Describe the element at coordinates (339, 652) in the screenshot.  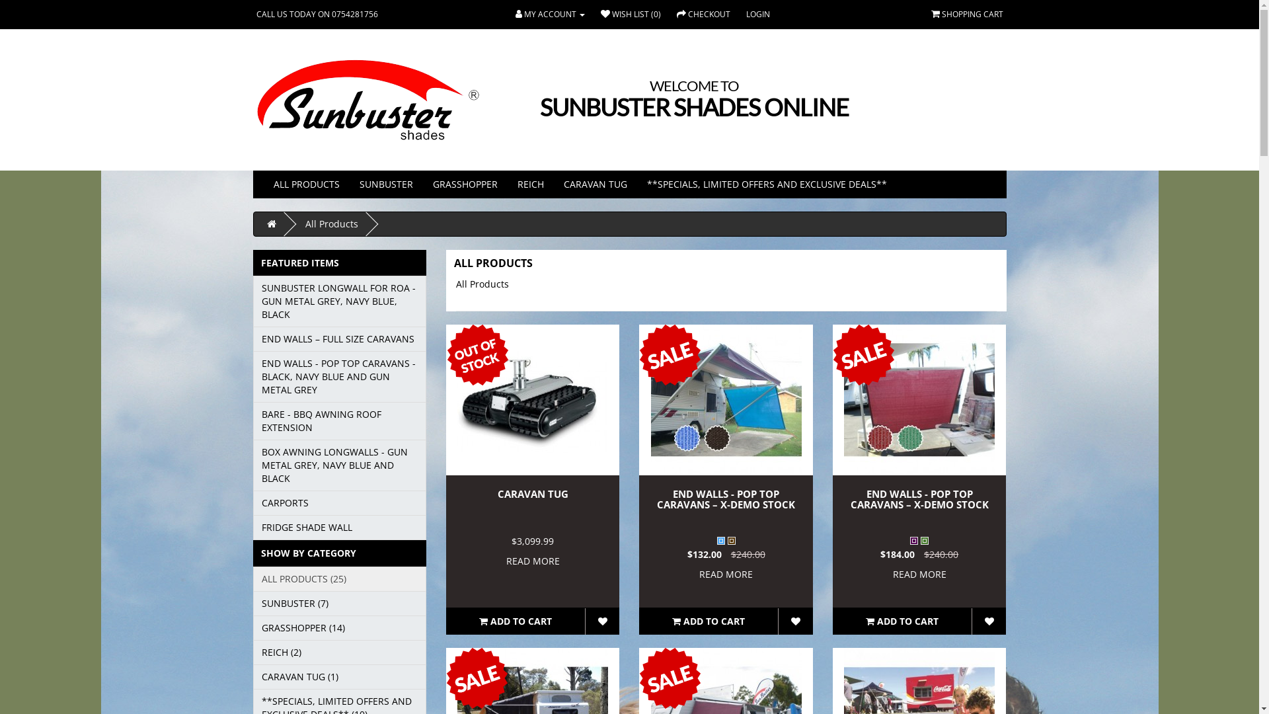
I see `'REICH (2)'` at that location.